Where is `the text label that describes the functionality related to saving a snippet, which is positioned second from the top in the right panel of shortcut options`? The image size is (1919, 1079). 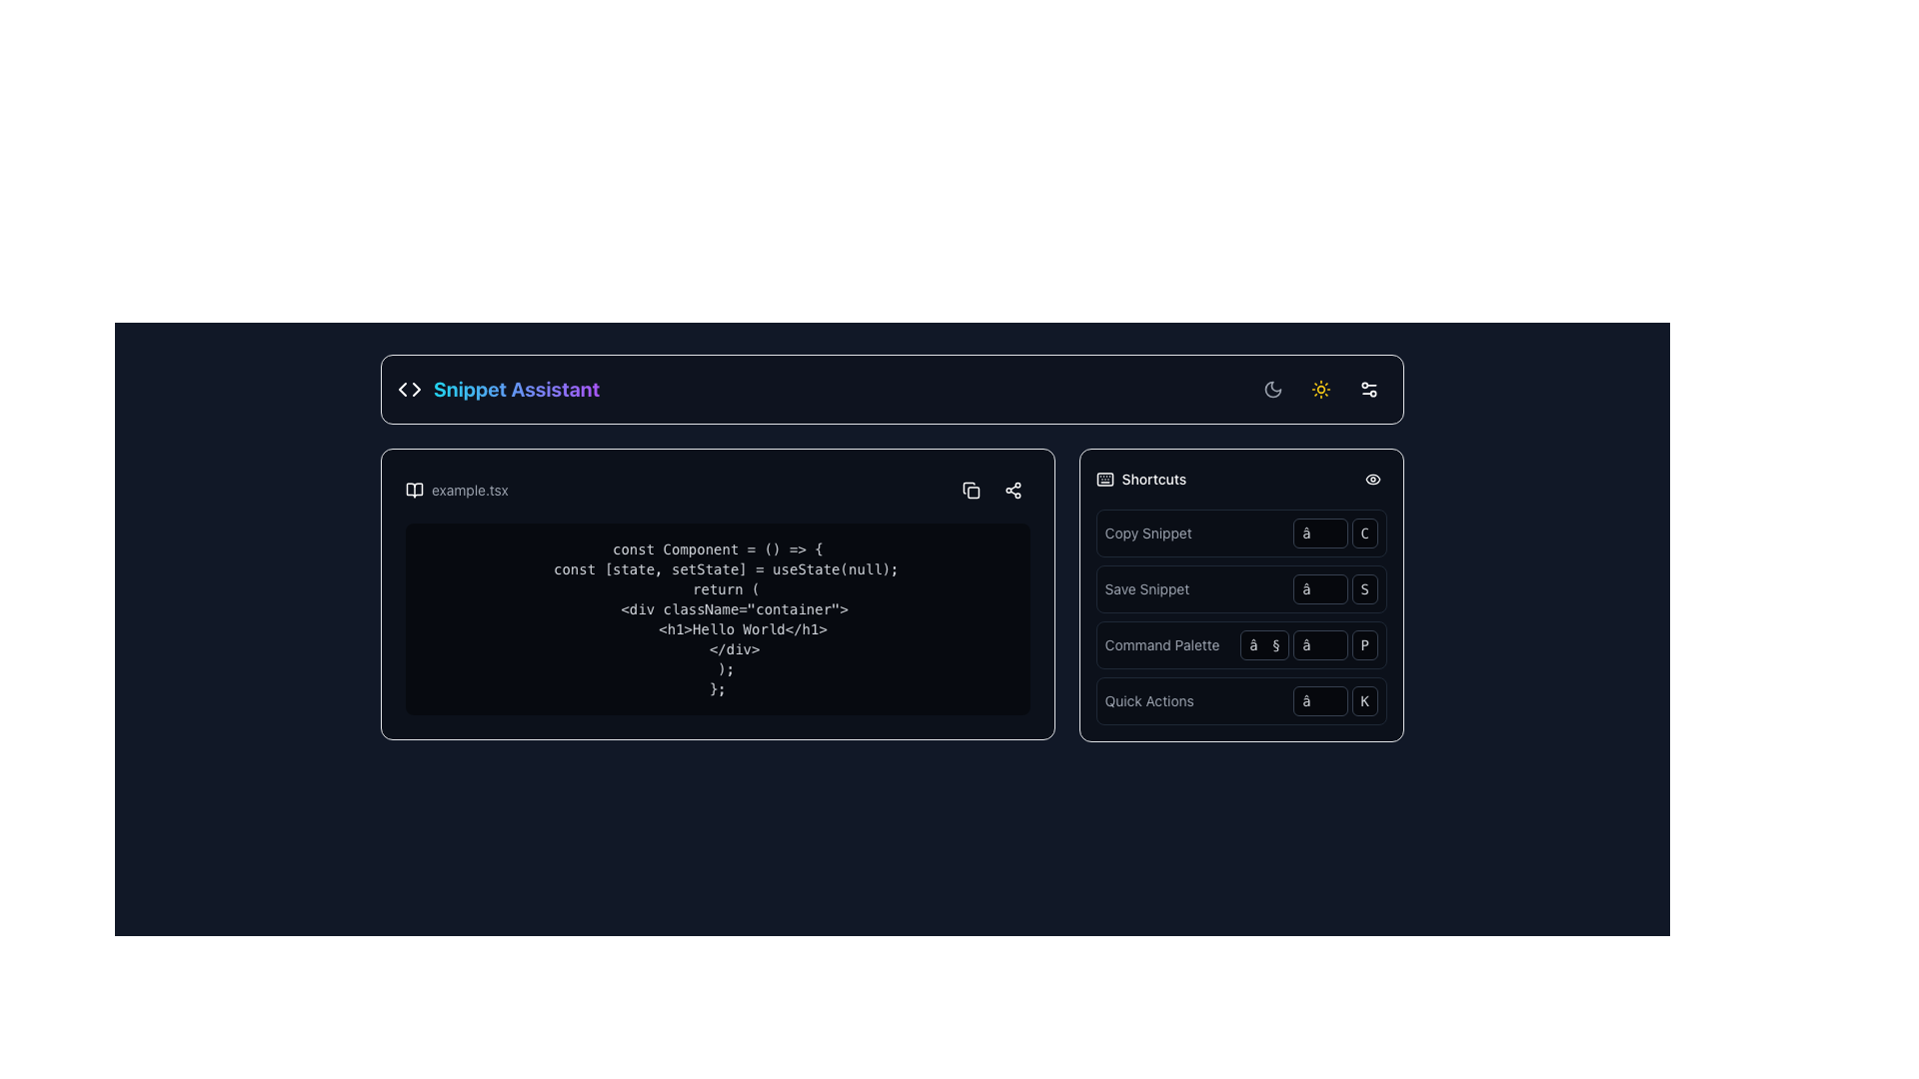 the text label that describes the functionality related to saving a snippet, which is positioned second from the top in the right panel of shortcut options is located at coordinates (1146, 588).